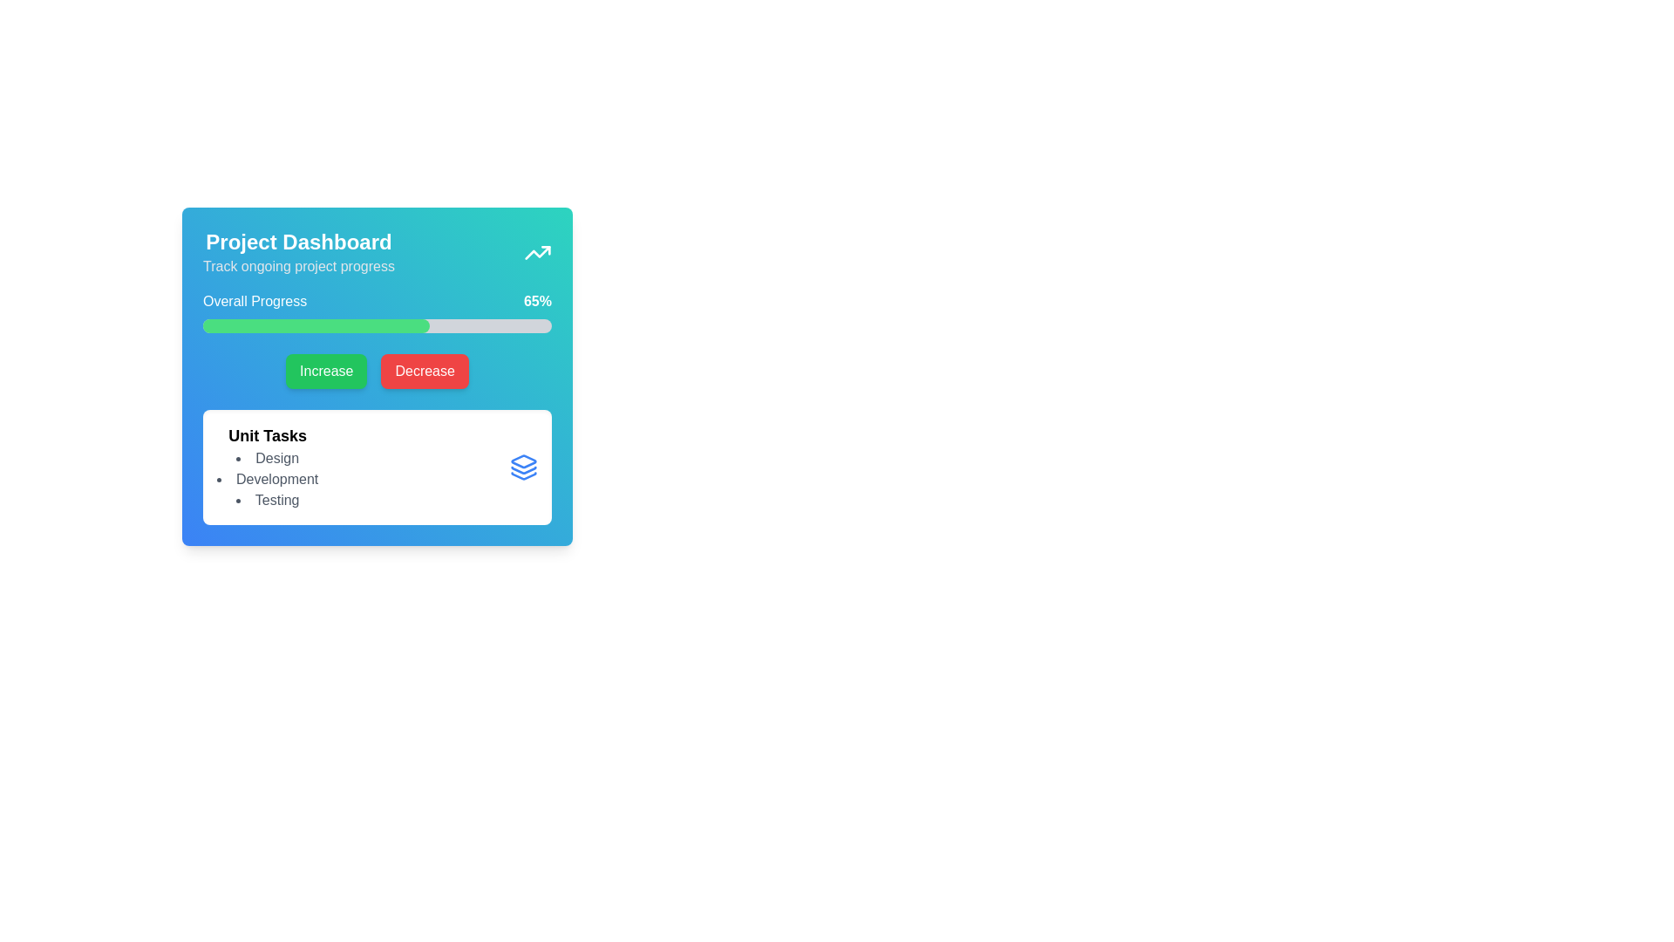 The height and width of the screenshot is (942, 1674). What do you see at coordinates (537, 252) in the screenshot?
I see `the white upward trending arrow icon located in the top-right corner of the 'Project Dashboard' card` at bounding box center [537, 252].